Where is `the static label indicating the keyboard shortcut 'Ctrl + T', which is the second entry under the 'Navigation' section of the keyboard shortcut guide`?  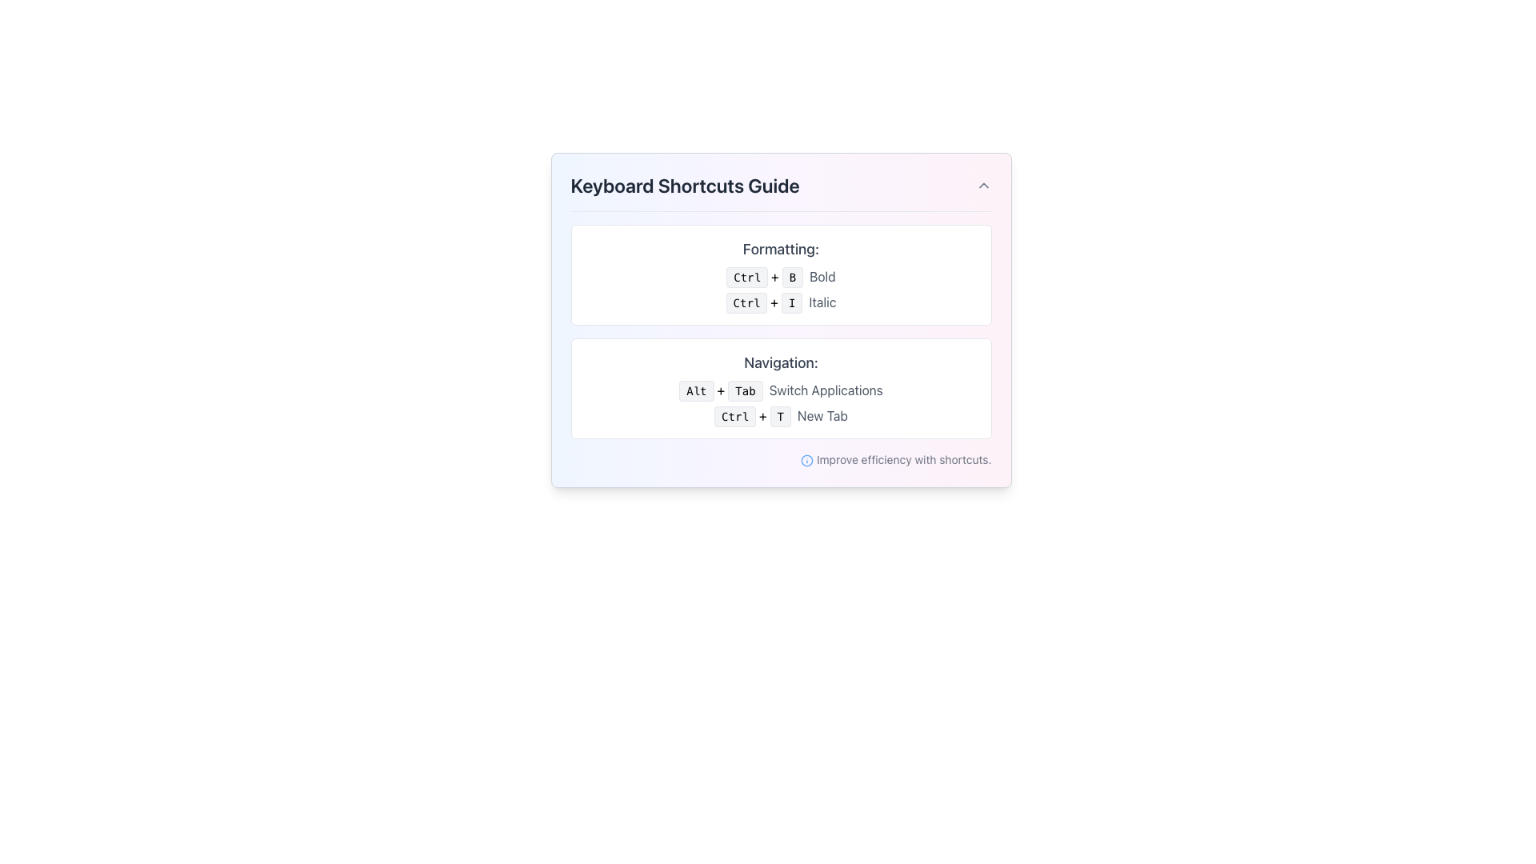 the static label indicating the keyboard shortcut 'Ctrl + T', which is the second entry under the 'Navigation' section of the keyboard shortcut guide is located at coordinates (781, 415).